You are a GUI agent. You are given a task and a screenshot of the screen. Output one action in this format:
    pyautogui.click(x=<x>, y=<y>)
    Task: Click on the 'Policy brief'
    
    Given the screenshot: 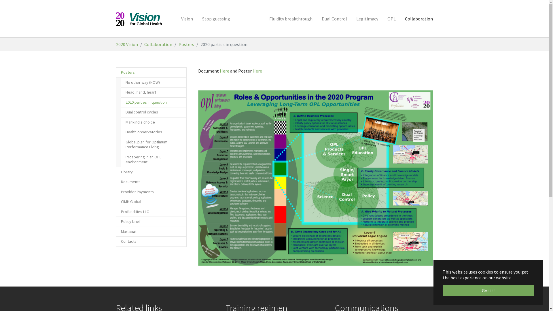 What is the action you would take?
    pyautogui.click(x=115, y=221)
    